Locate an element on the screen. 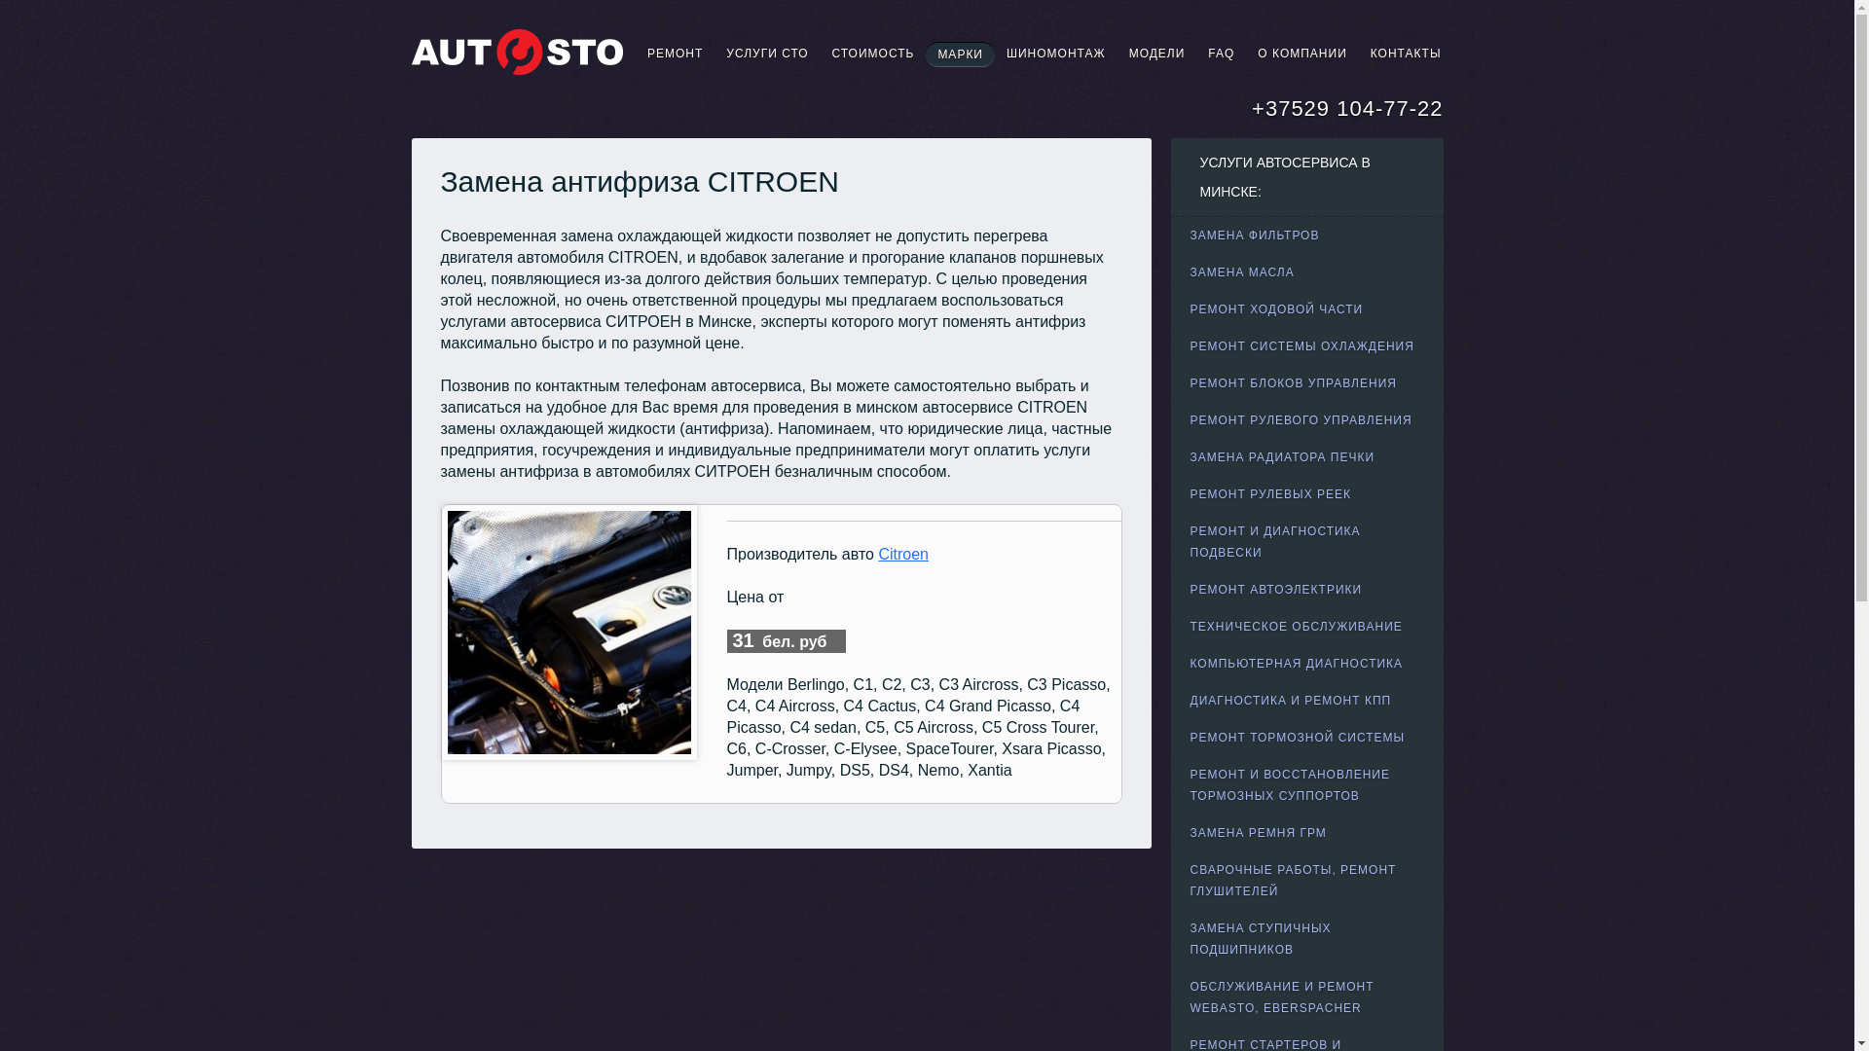 This screenshot has height=1051, width=1869. 'Citroen' is located at coordinates (877, 554).